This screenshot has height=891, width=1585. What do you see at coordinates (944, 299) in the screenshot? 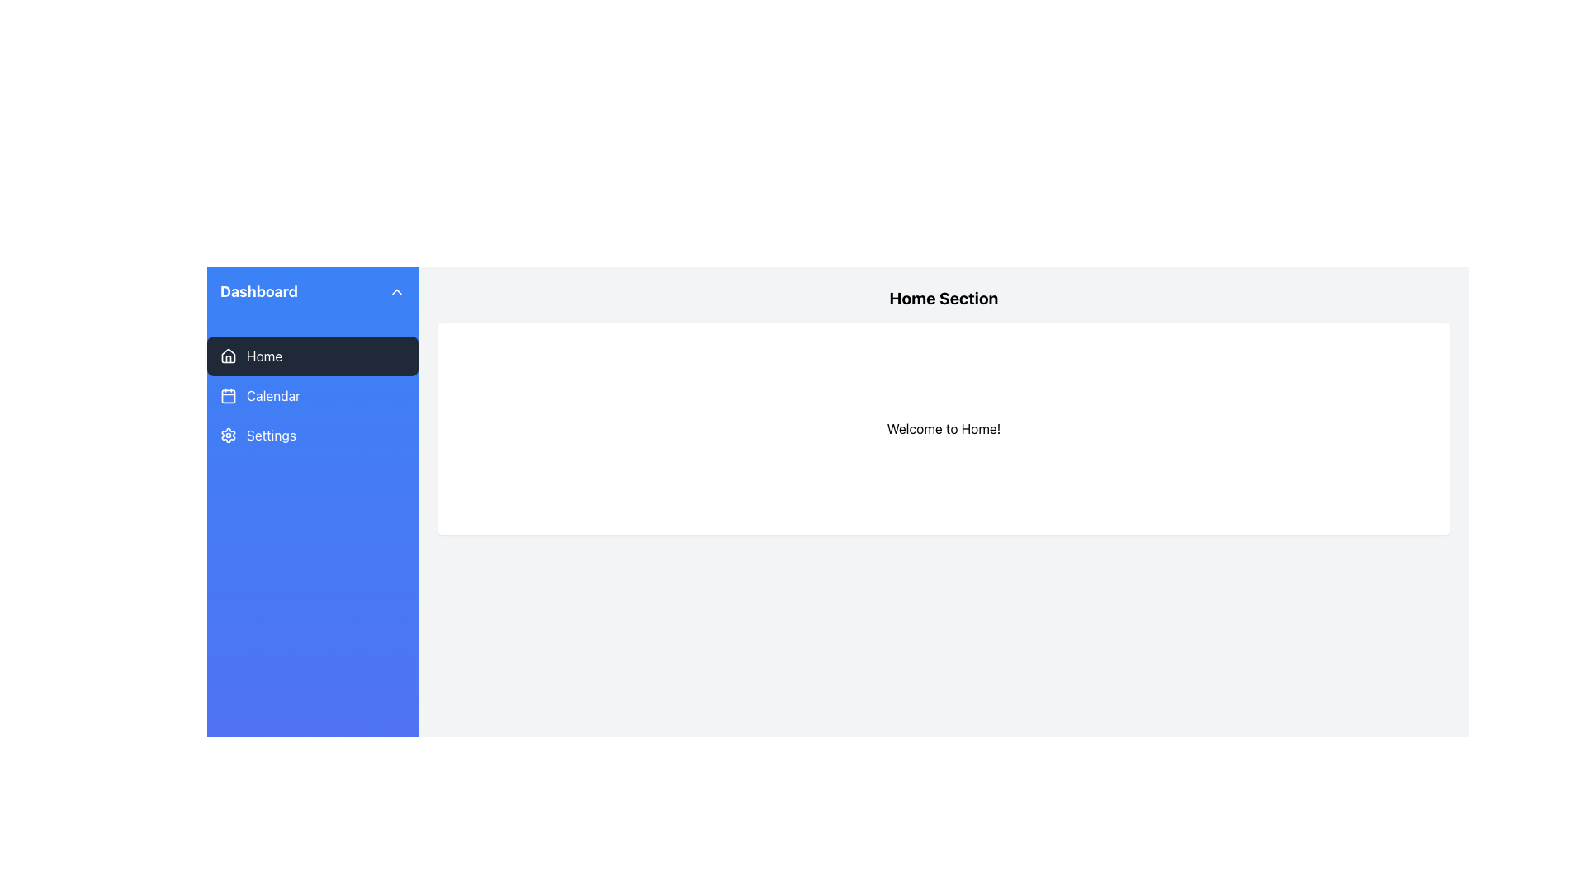
I see `the bold 'Home Section' text label` at bounding box center [944, 299].